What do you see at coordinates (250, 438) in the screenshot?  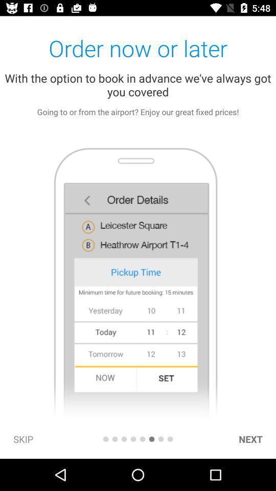 I see `next` at bounding box center [250, 438].